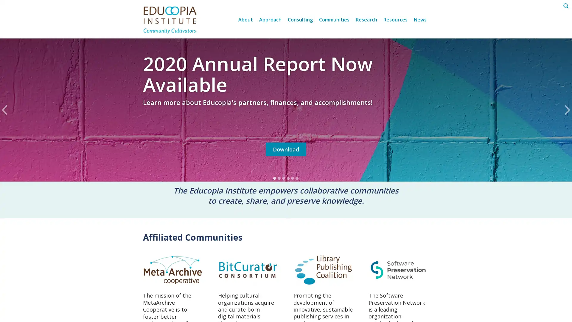  Describe the element at coordinates (567, 110) in the screenshot. I see `Next` at that location.